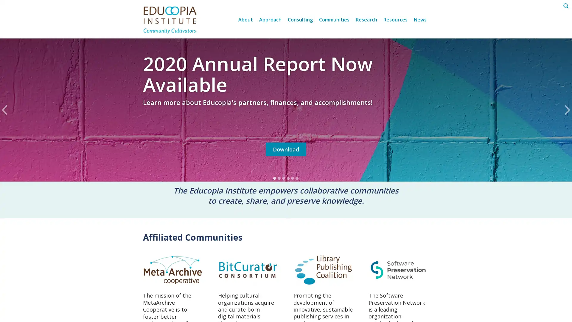  Describe the element at coordinates (567, 110) in the screenshot. I see `Next` at that location.